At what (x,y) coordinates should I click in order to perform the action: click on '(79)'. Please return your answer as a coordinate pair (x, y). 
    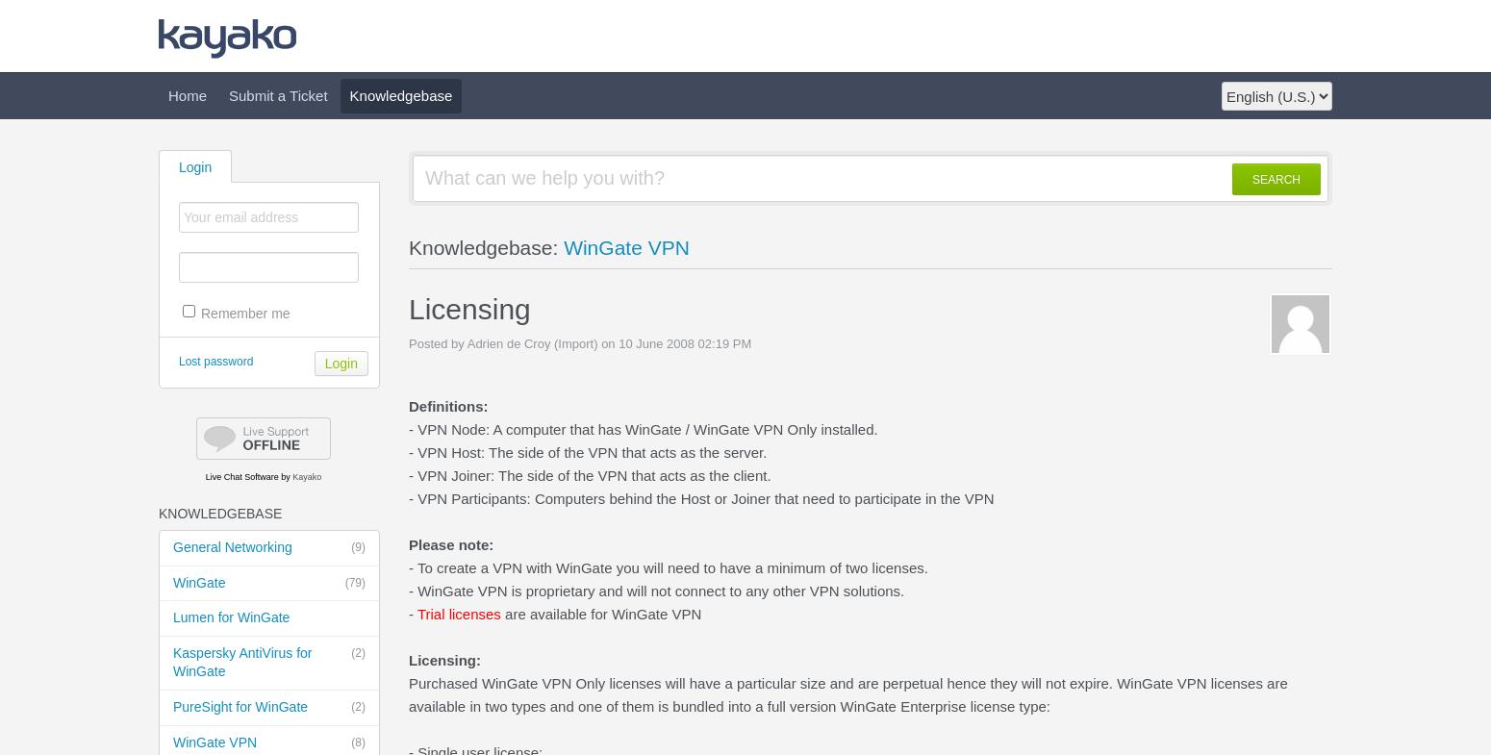
    Looking at the image, I should click on (354, 581).